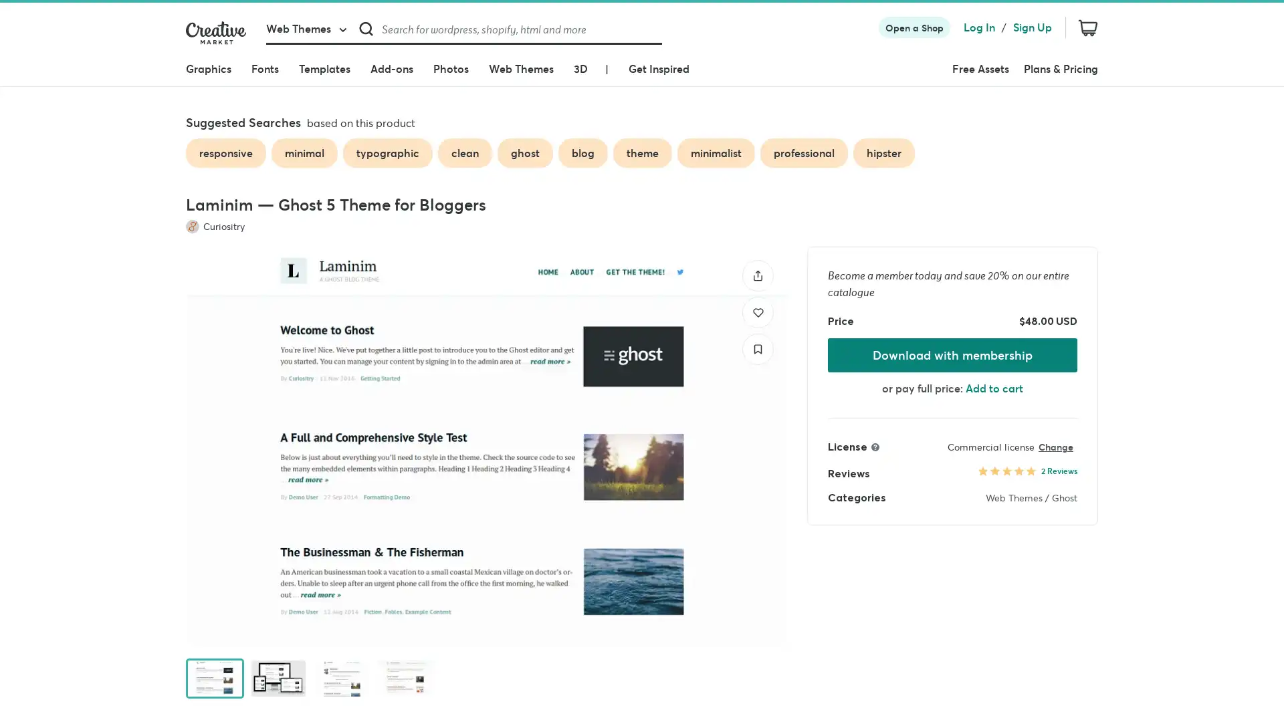 The width and height of the screenshot is (1284, 722). What do you see at coordinates (758, 348) in the screenshot?
I see `Save to collection` at bounding box center [758, 348].